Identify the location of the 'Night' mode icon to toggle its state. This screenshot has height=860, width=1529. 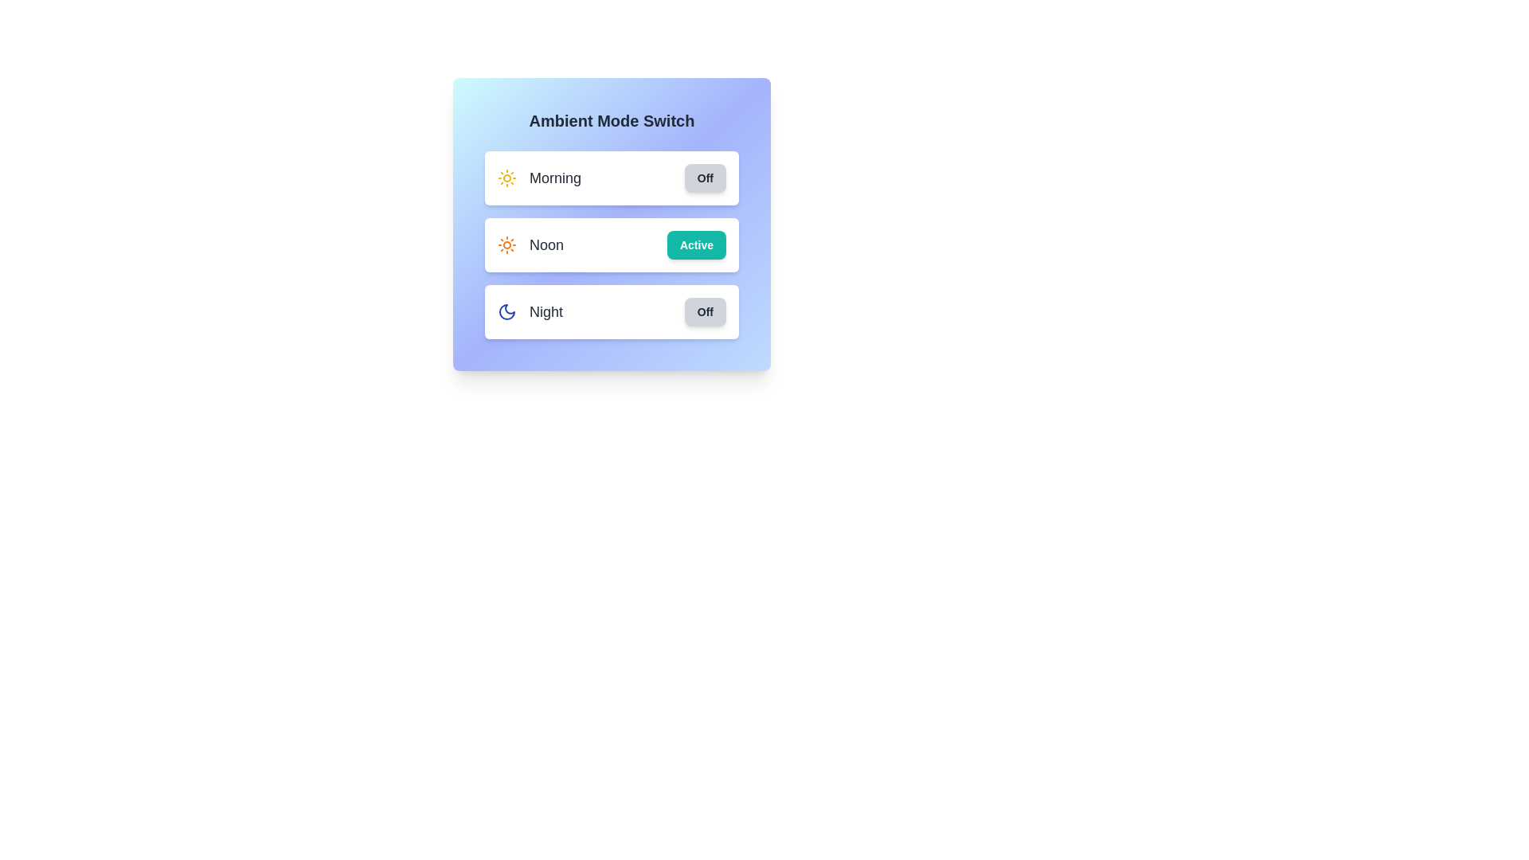
(506, 312).